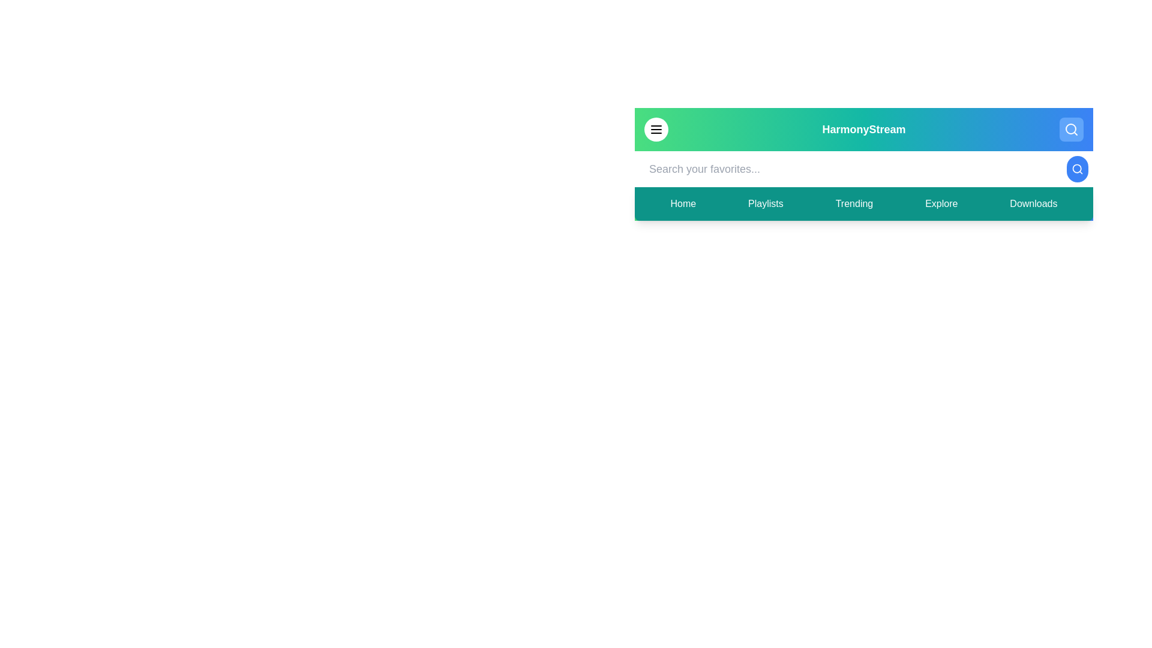 This screenshot has height=648, width=1152. I want to click on the navigation menu item corresponding to Trending, so click(854, 203).